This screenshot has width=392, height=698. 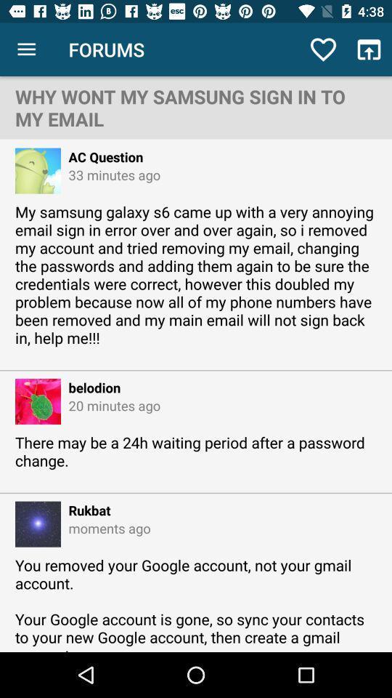 What do you see at coordinates (86, 510) in the screenshot?
I see `rukbat item` at bounding box center [86, 510].